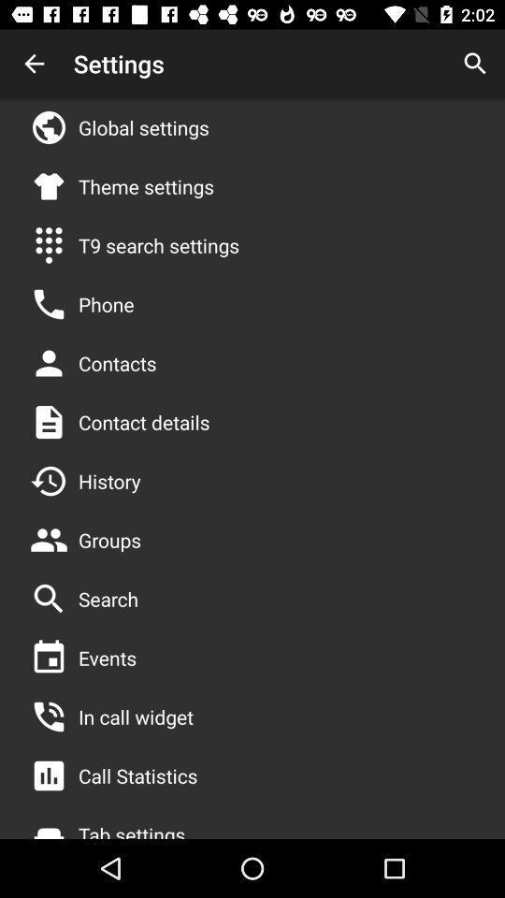 This screenshot has width=505, height=898. What do you see at coordinates (137, 775) in the screenshot?
I see `call statistics item` at bounding box center [137, 775].